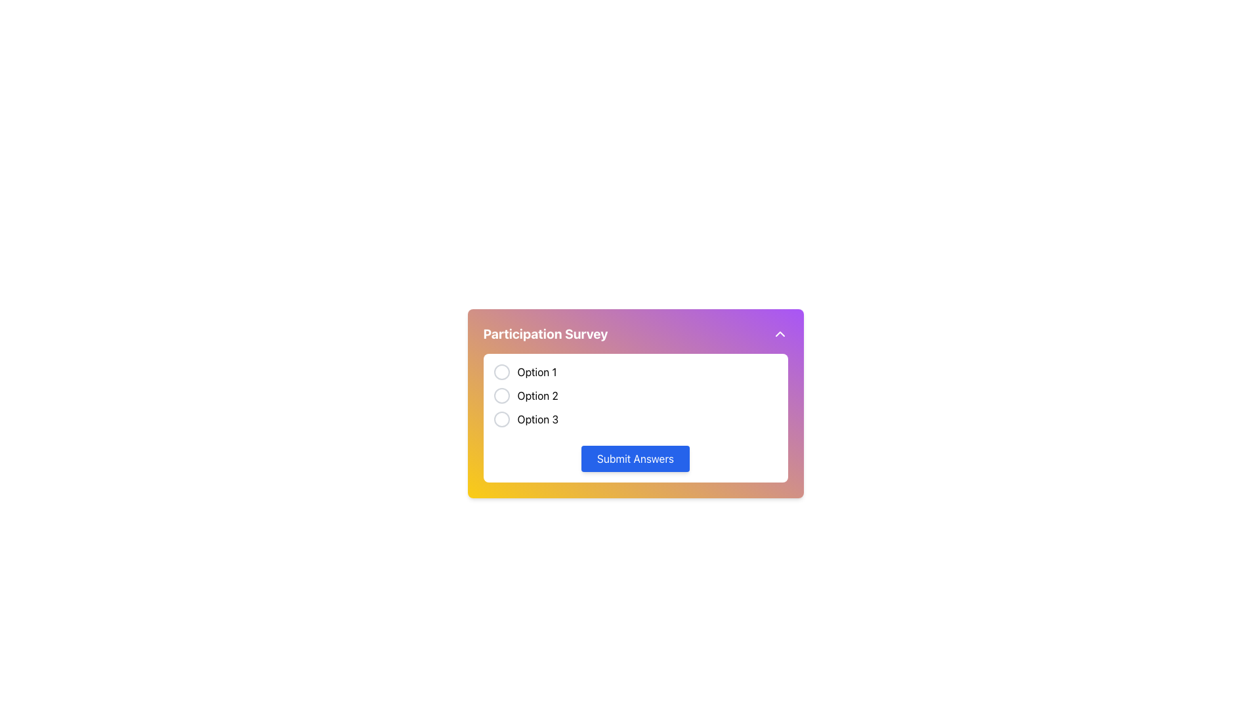 The height and width of the screenshot is (709, 1260). Describe the element at coordinates (780, 333) in the screenshot. I see `the movable upward-facing chevron icon located in the top-right corner of the purple header bar labeled 'Participation Survey'` at that location.